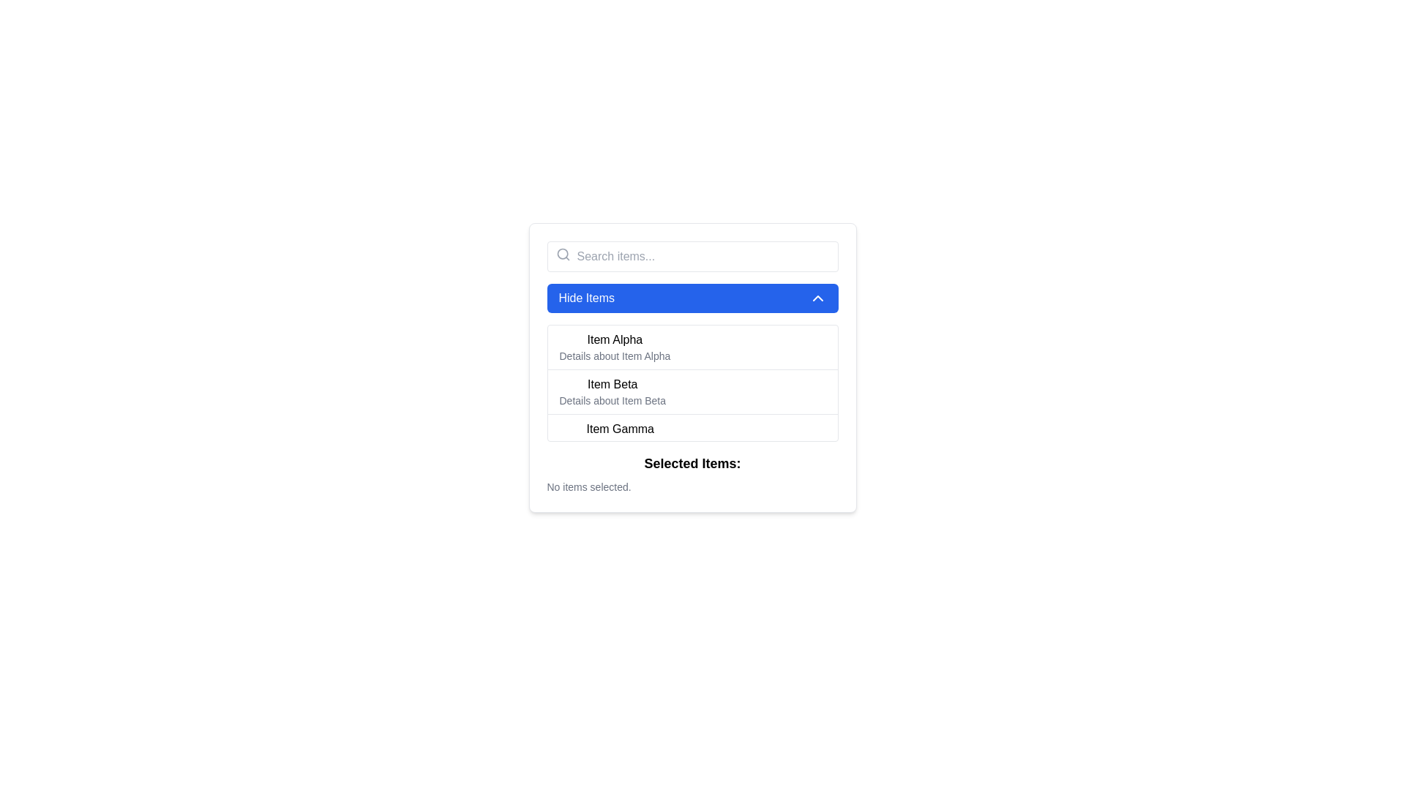  I want to click on the main label for 'Item Beta' which is located as the first line of the second item in a vertical list, positioned between 'Item Alpha' and 'Item Gamma', so click(612, 383).